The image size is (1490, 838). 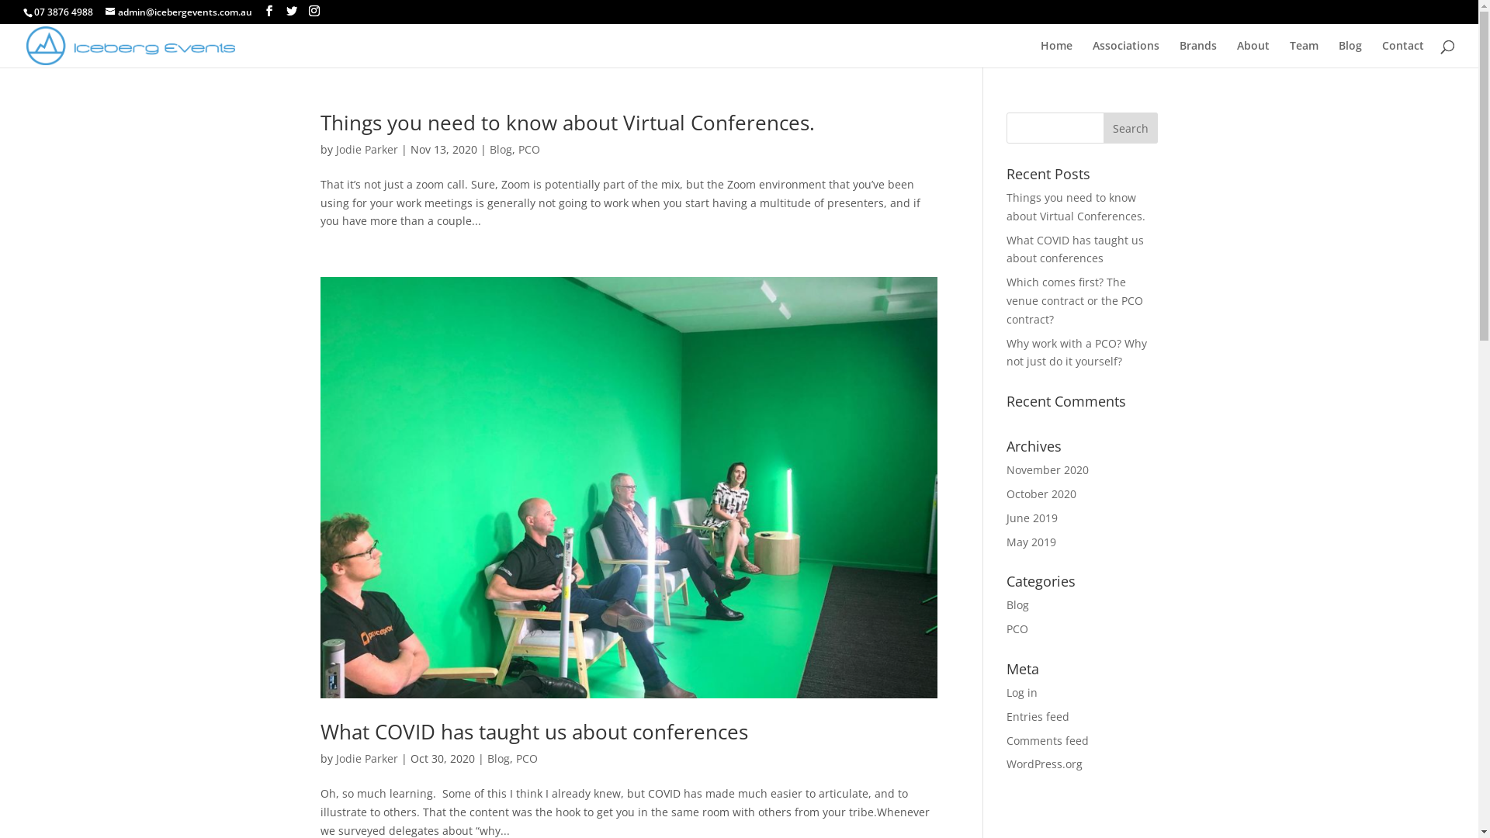 What do you see at coordinates (1074, 248) in the screenshot?
I see `'What COVID has taught us about conferences'` at bounding box center [1074, 248].